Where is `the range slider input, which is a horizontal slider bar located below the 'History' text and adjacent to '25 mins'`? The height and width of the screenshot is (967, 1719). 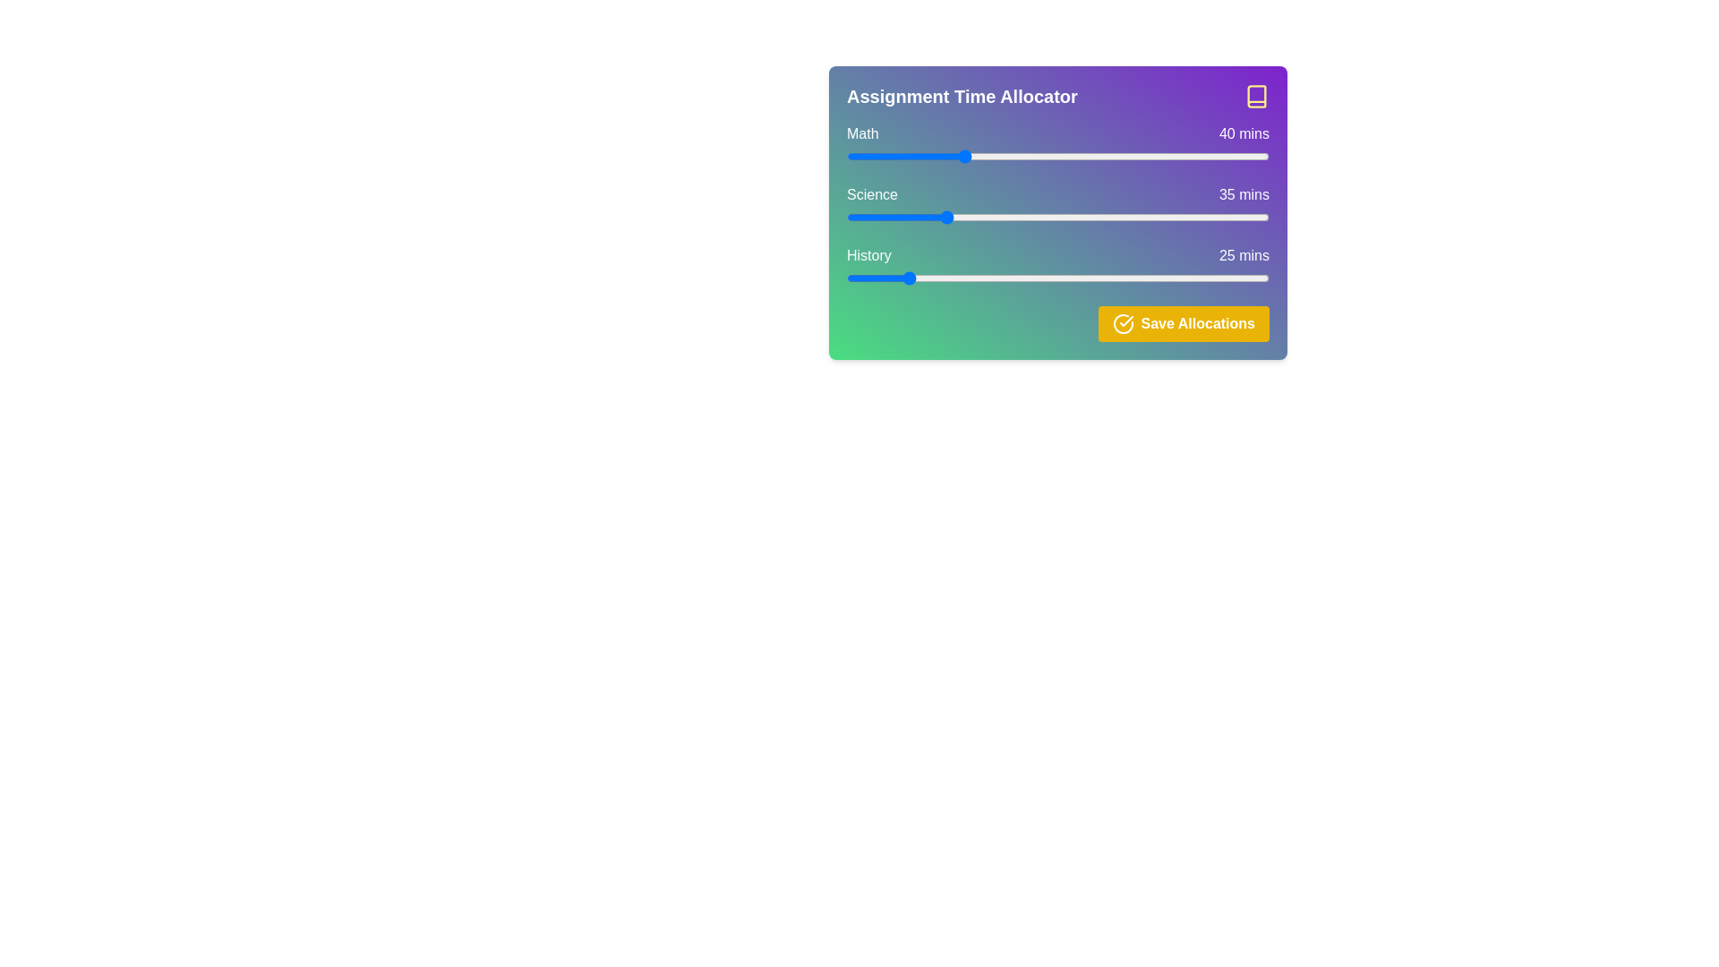 the range slider input, which is a horizontal slider bar located below the 'History' text and adjacent to '25 mins' is located at coordinates (1057, 278).